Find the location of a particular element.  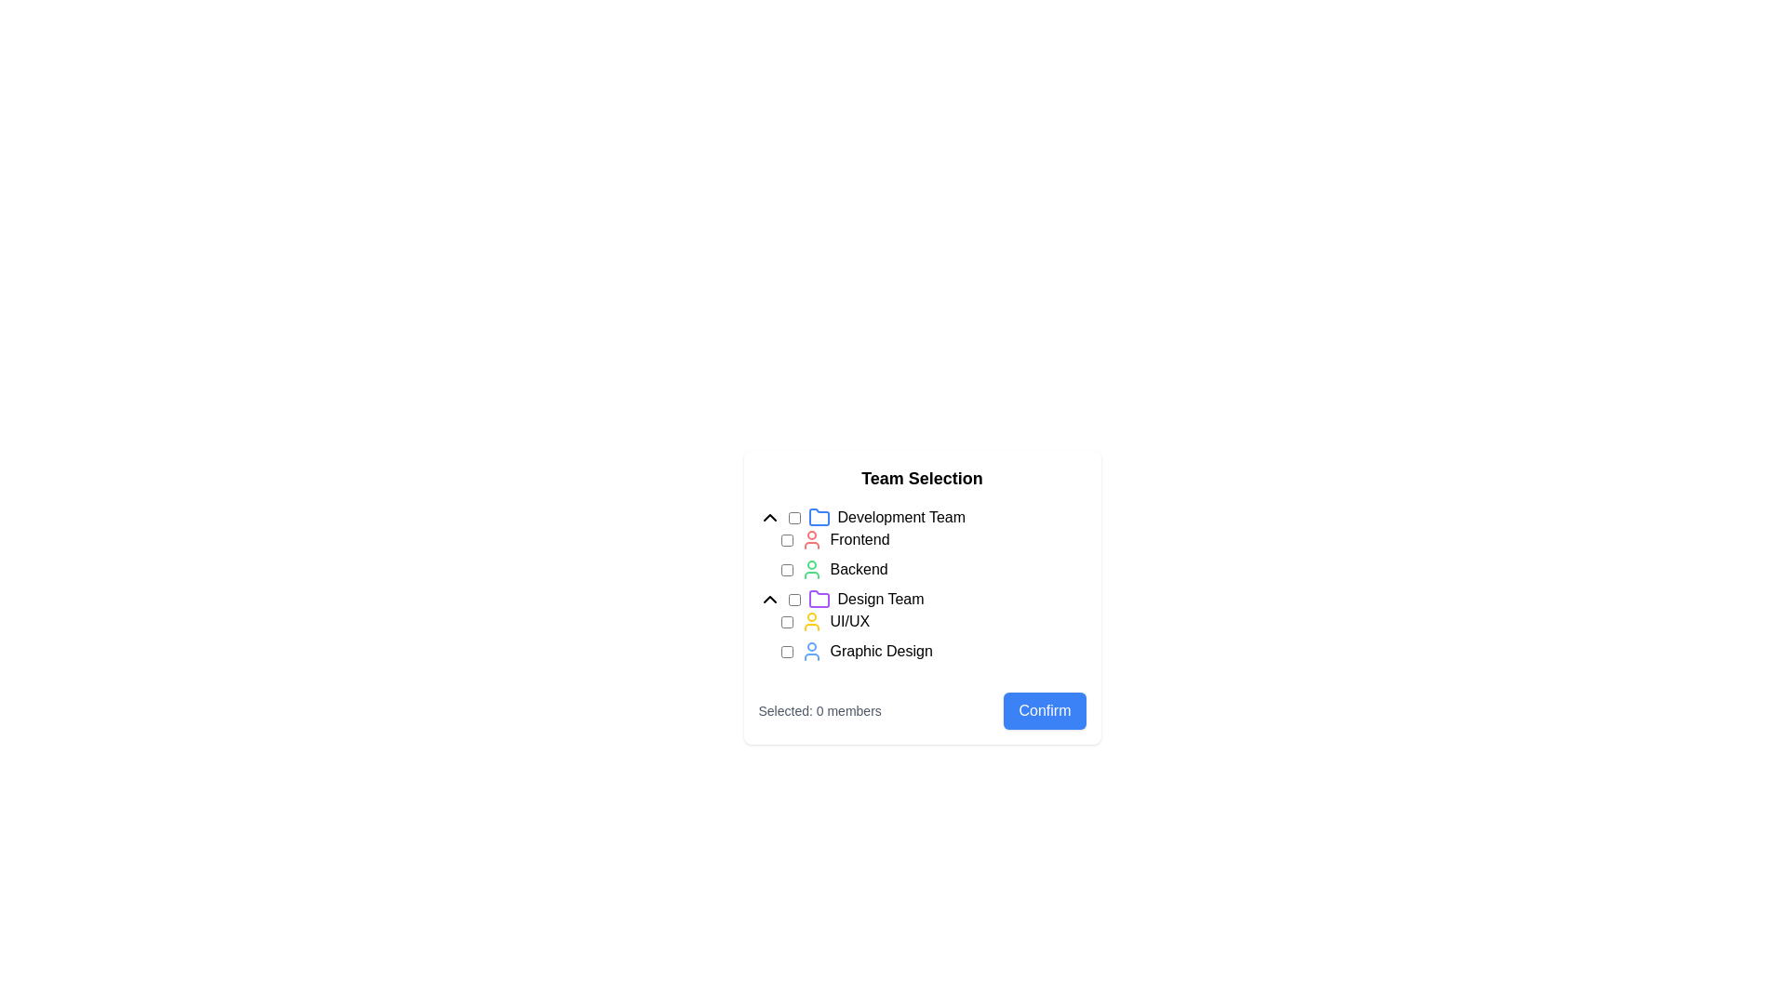

the 'Backend' section, which includes a checkbox and a user profile icon is located at coordinates (933, 569).